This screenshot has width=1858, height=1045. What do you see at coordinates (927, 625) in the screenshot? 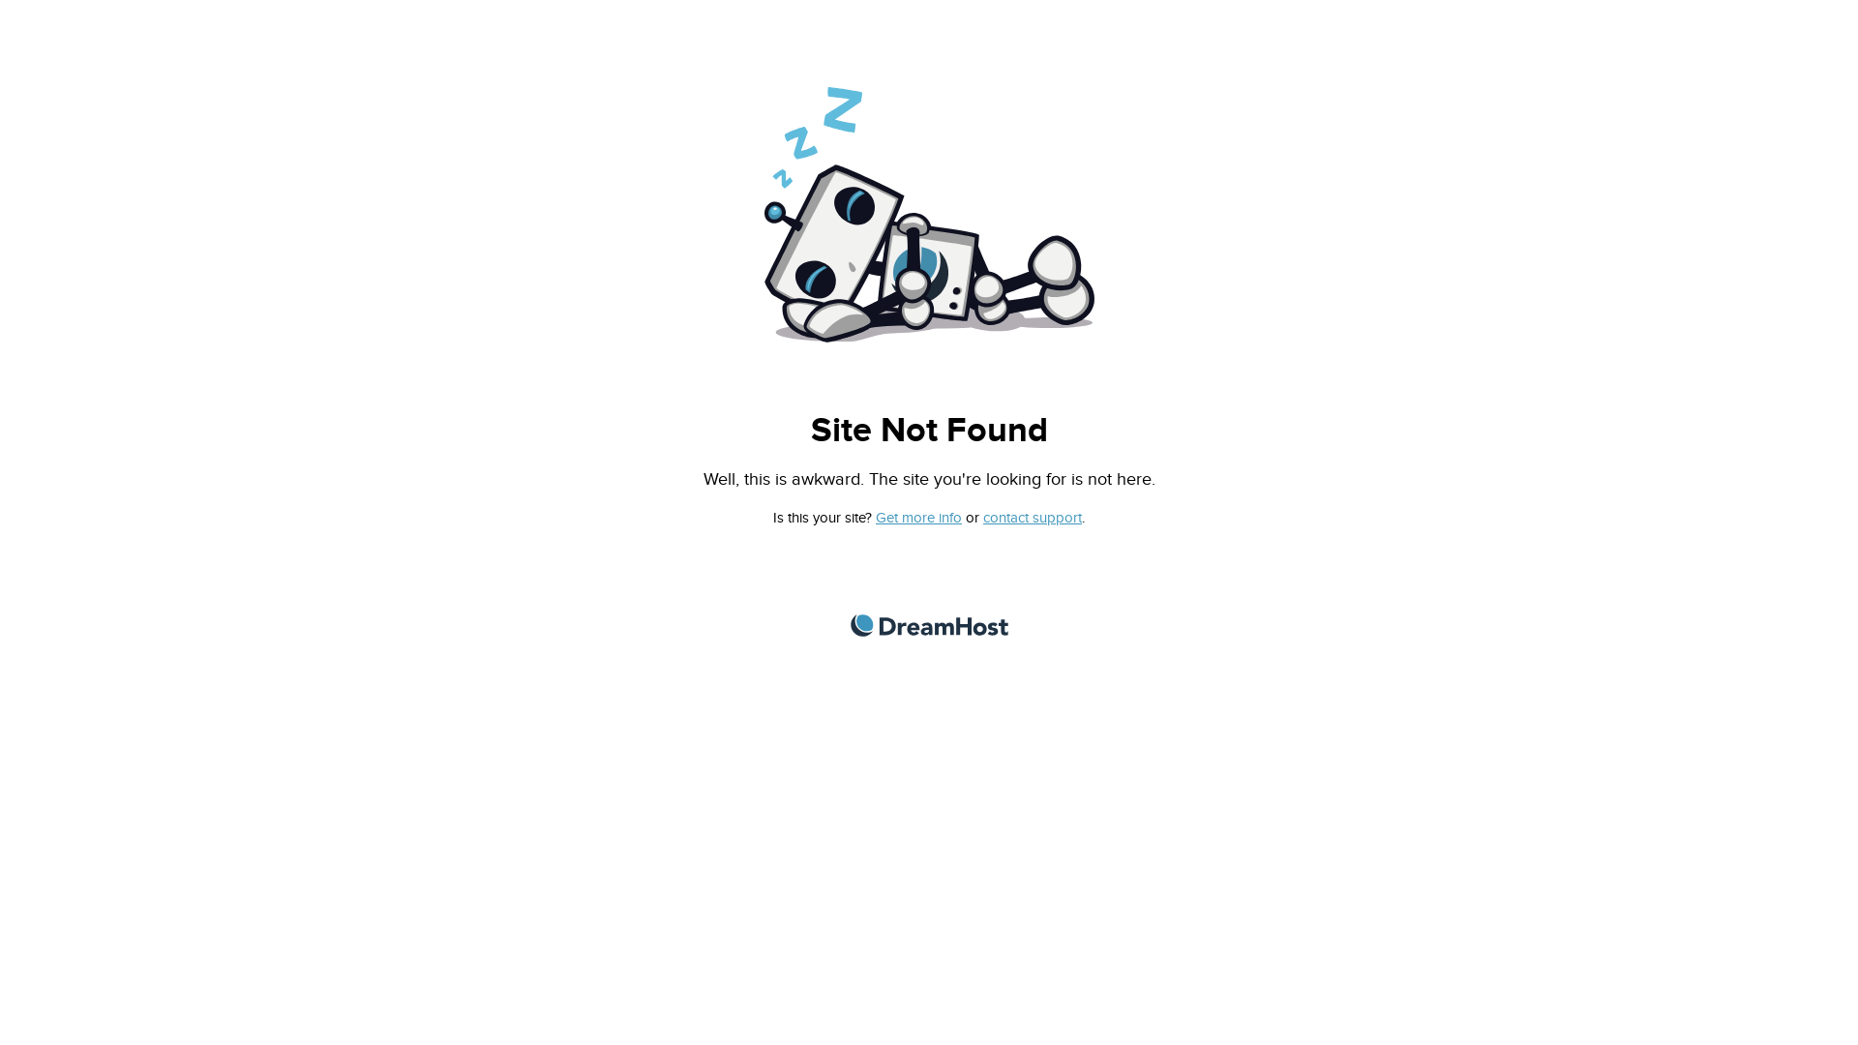
I see `'DreamHost'` at bounding box center [927, 625].